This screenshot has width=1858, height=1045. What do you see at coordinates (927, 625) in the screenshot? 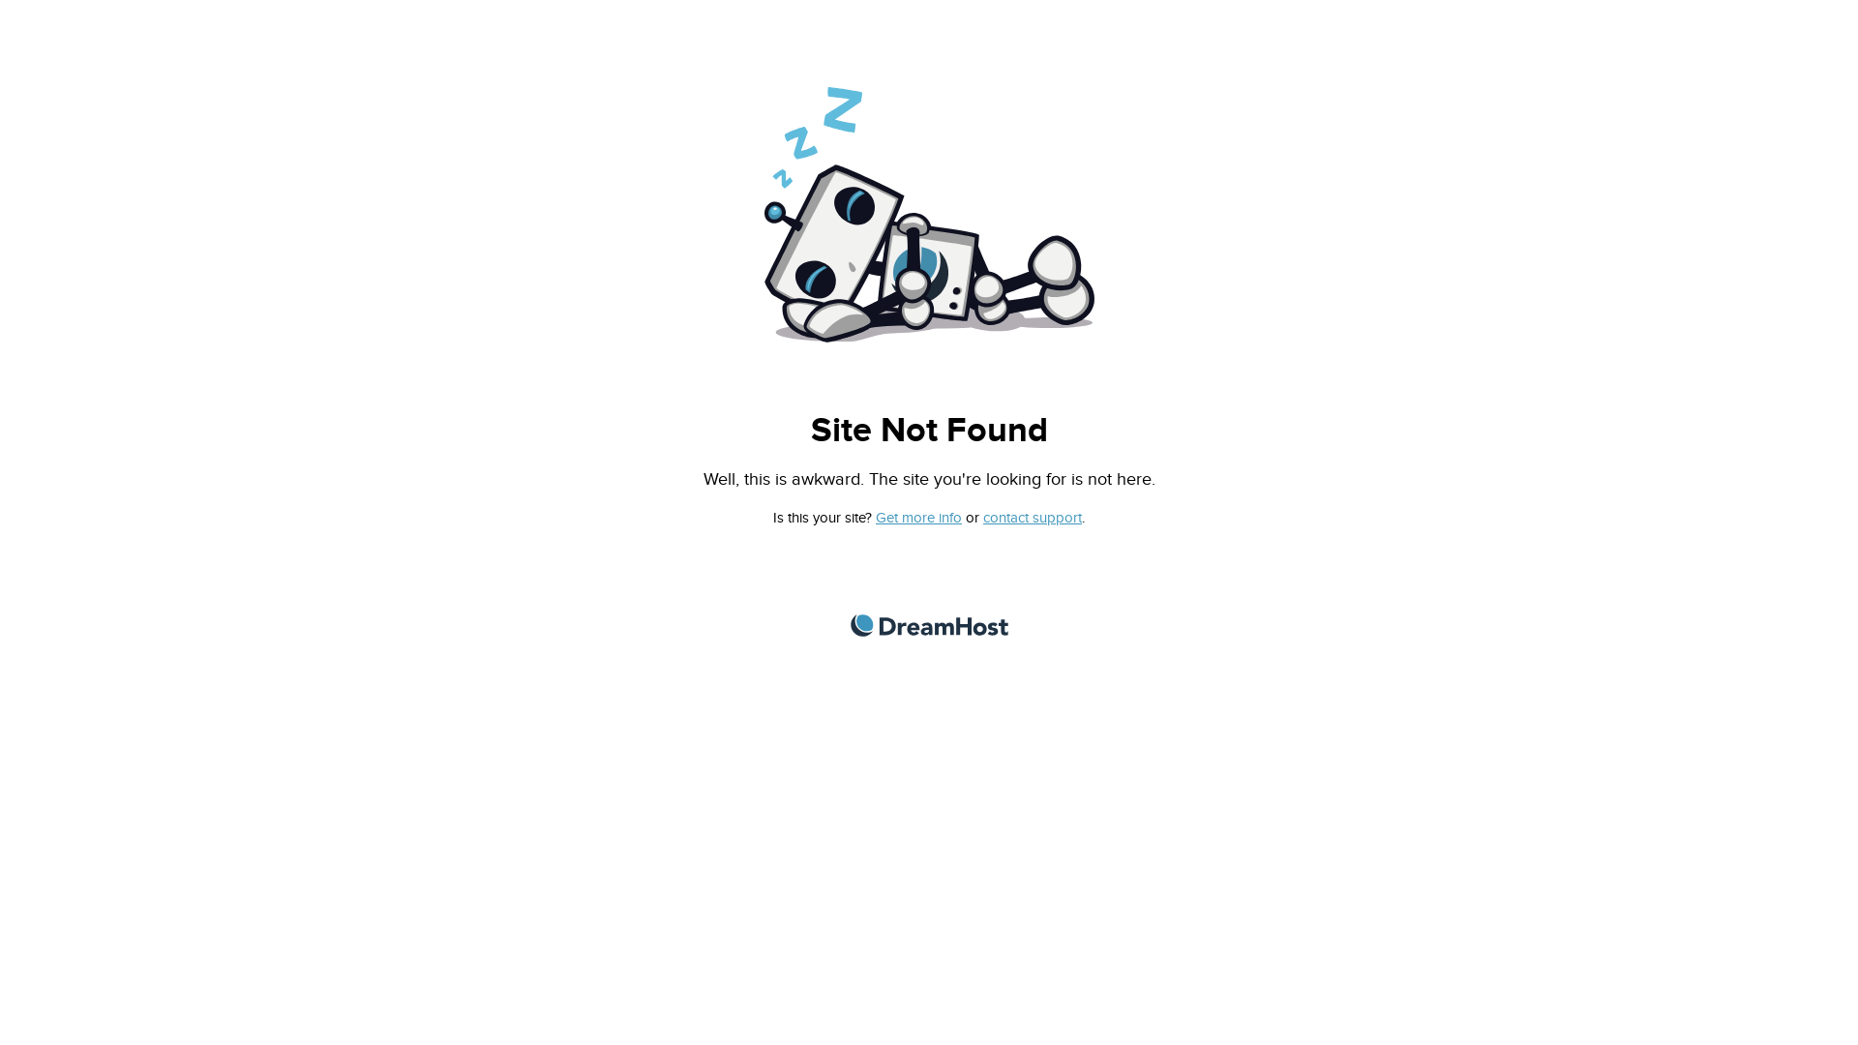
I see `'DreamHost'` at bounding box center [927, 625].